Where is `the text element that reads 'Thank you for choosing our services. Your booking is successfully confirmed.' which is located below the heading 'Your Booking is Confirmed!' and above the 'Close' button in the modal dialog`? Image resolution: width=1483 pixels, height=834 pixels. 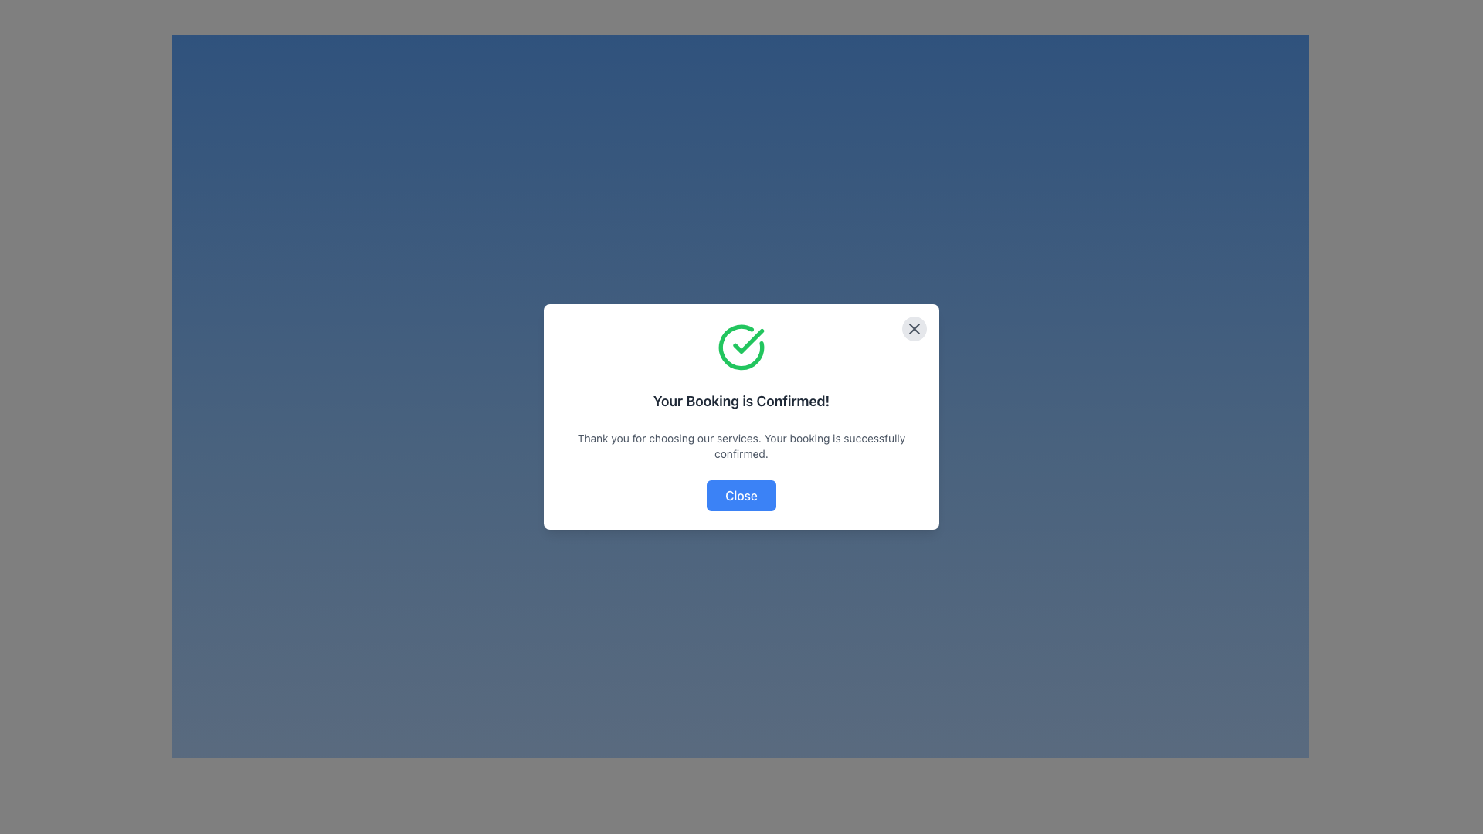 the text element that reads 'Thank you for choosing our services. Your booking is successfully confirmed.' which is located below the heading 'Your Booking is Confirmed!' and above the 'Close' button in the modal dialog is located at coordinates (741, 446).